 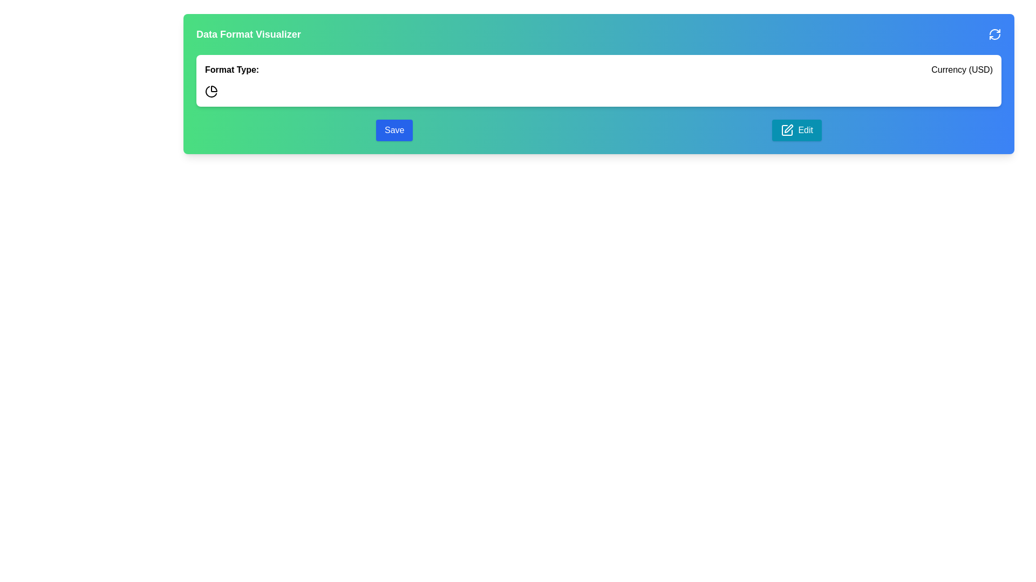 What do you see at coordinates (787, 130) in the screenshot?
I see `the edit icon, which is a pictogram styled as a pen within a square, located to the left of the 'Edit' text in the lower-right area of the main layout` at bounding box center [787, 130].